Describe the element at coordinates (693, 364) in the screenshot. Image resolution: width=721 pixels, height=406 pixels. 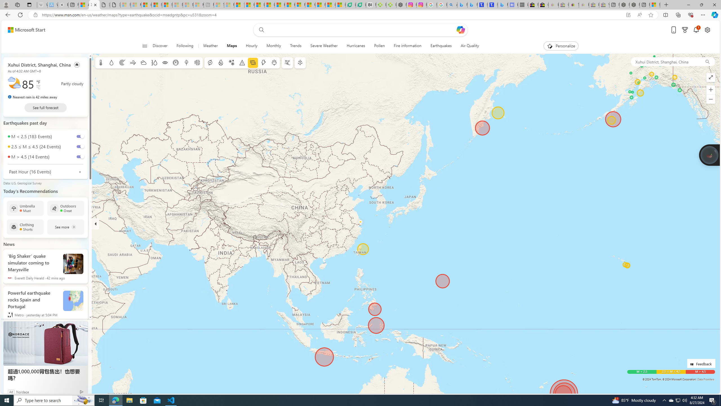
I see `'Class: feedback_link_icon-DS-EntryPoint1-1'` at that location.